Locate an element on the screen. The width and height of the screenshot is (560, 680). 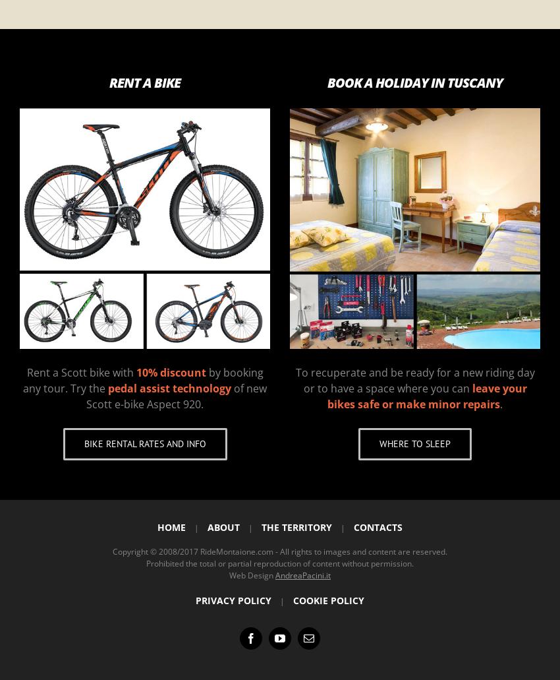
'Where to sleep' is located at coordinates (414, 443).